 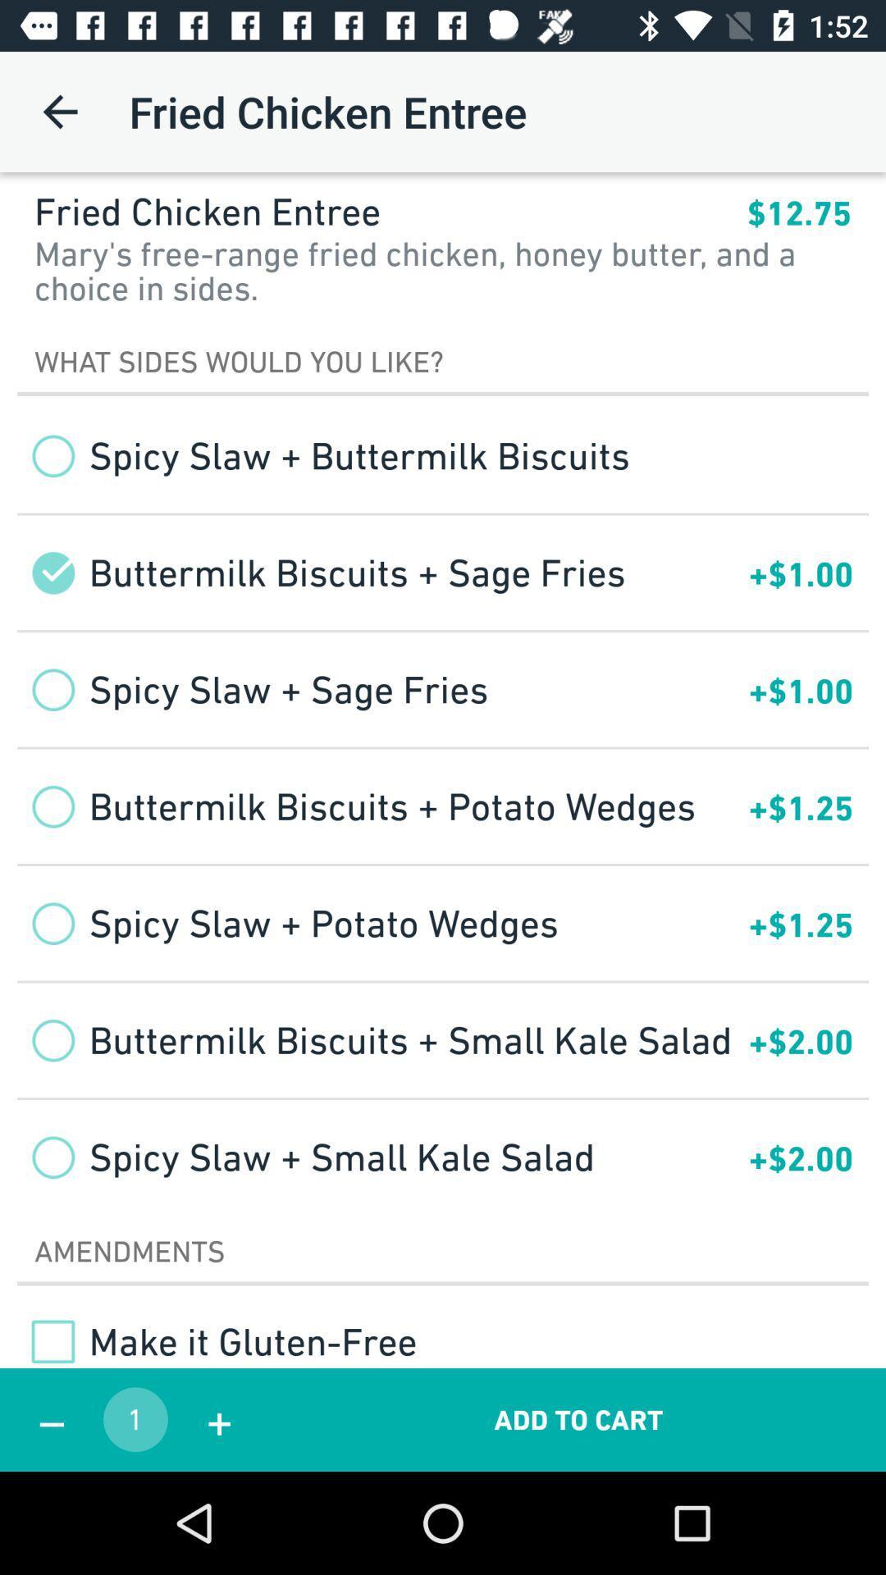 What do you see at coordinates (218, 1419) in the screenshot?
I see `icon to the left of the add to cart item` at bounding box center [218, 1419].